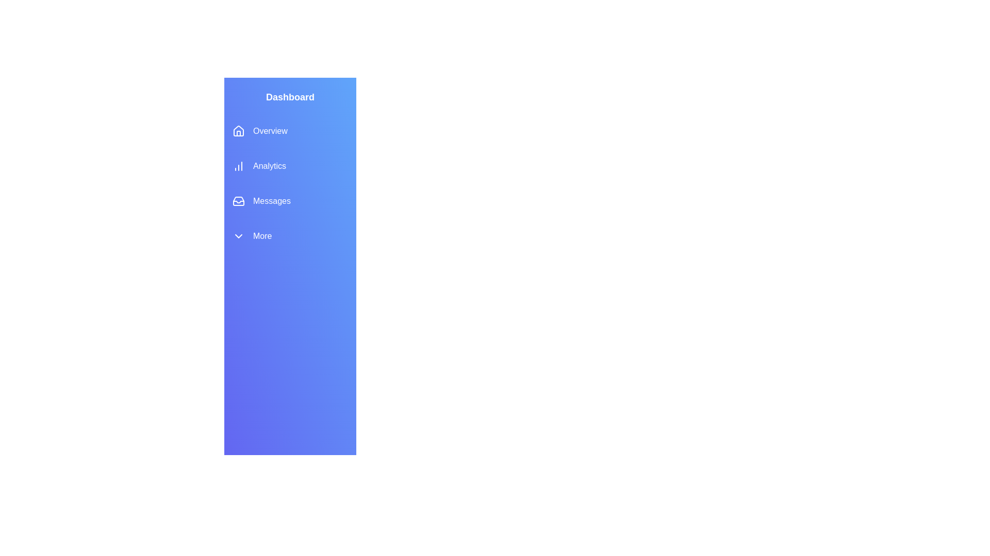 The height and width of the screenshot is (556, 990). What do you see at coordinates (289, 166) in the screenshot?
I see `the menu item Analytics to reveal its hover effect` at bounding box center [289, 166].